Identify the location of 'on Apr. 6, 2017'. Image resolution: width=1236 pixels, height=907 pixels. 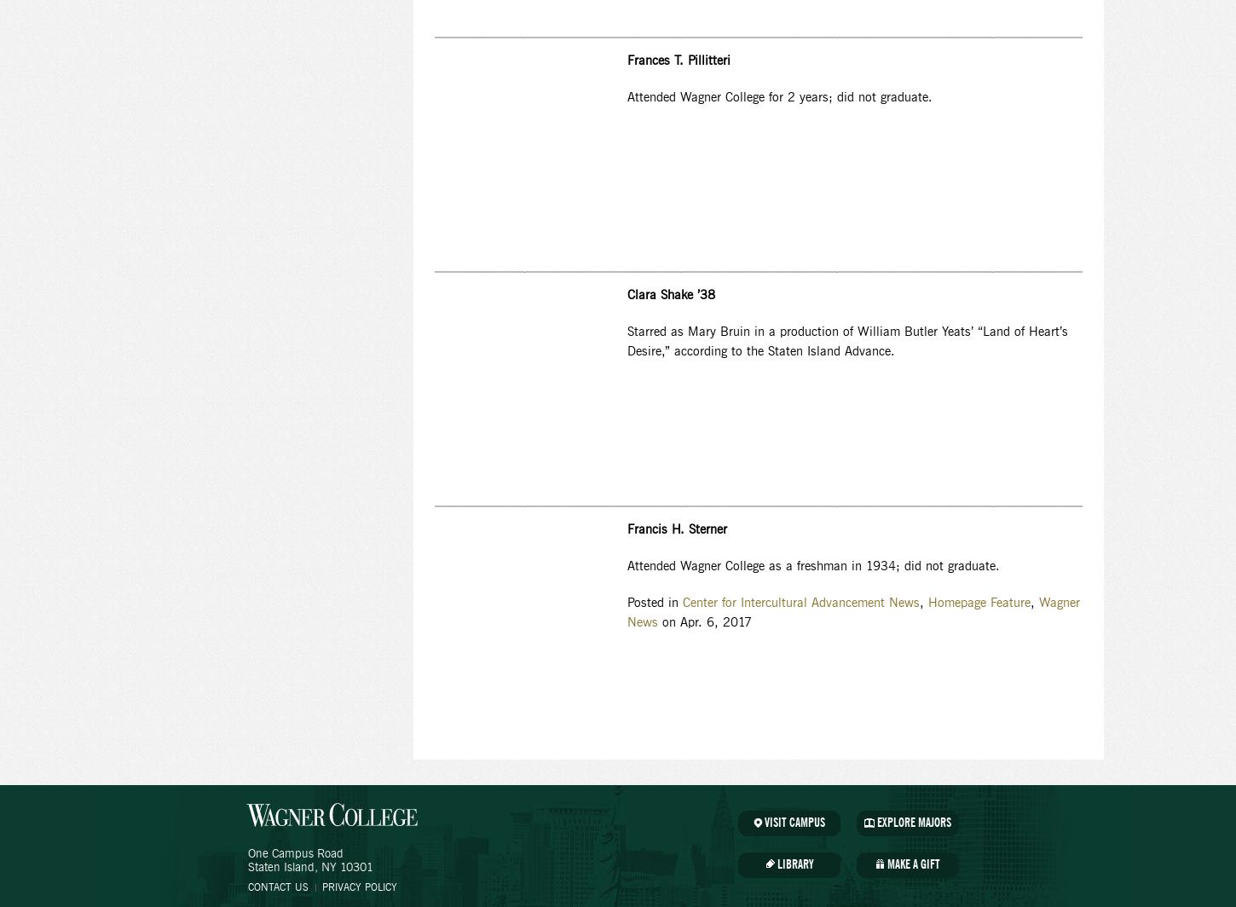
(704, 623).